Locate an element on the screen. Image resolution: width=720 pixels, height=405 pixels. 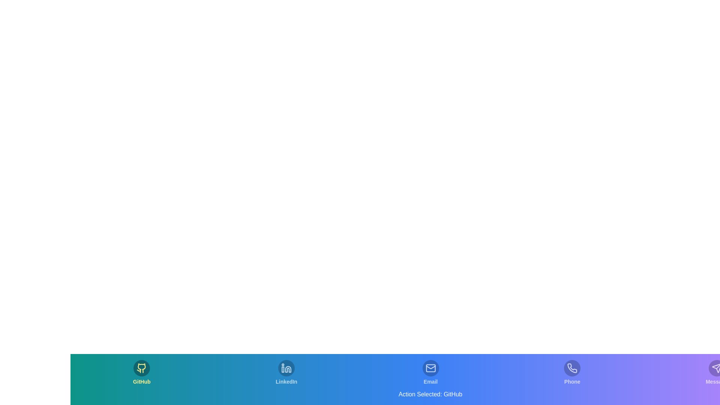
the tab corresponding to Phone to observe the action text update is located at coordinates (572, 373).